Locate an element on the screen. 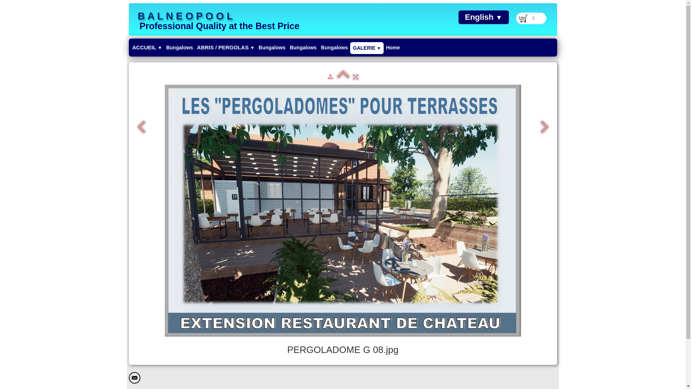 This screenshot has width=691, height=389. 'Next' is located at coordinates (545, 128).